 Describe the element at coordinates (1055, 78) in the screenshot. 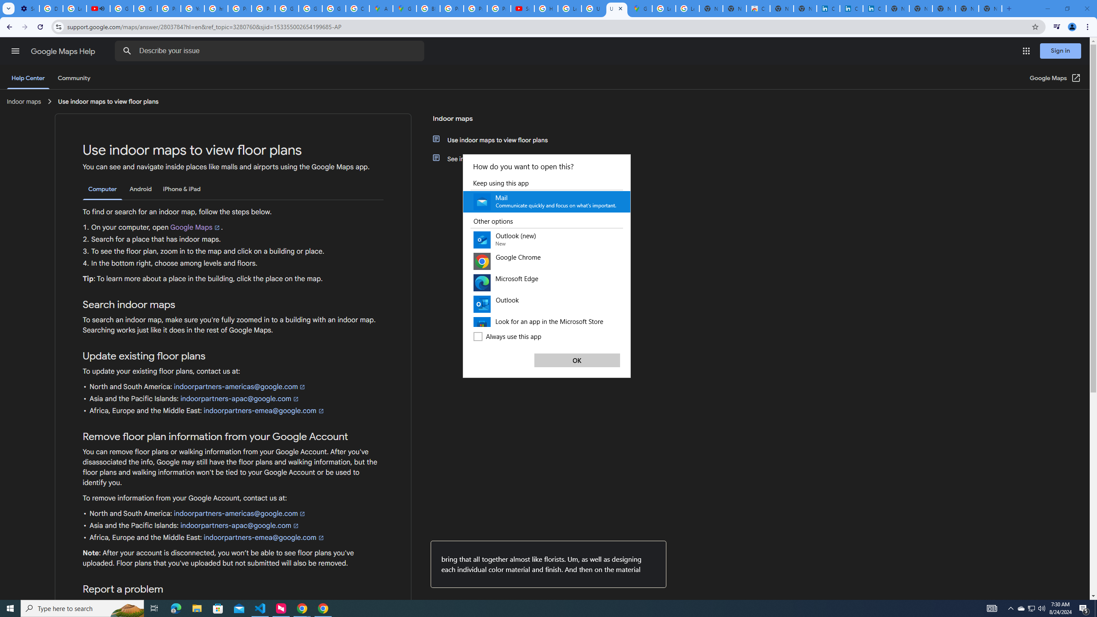

I see `'Google Maps (Open in a new window)'` at that location.